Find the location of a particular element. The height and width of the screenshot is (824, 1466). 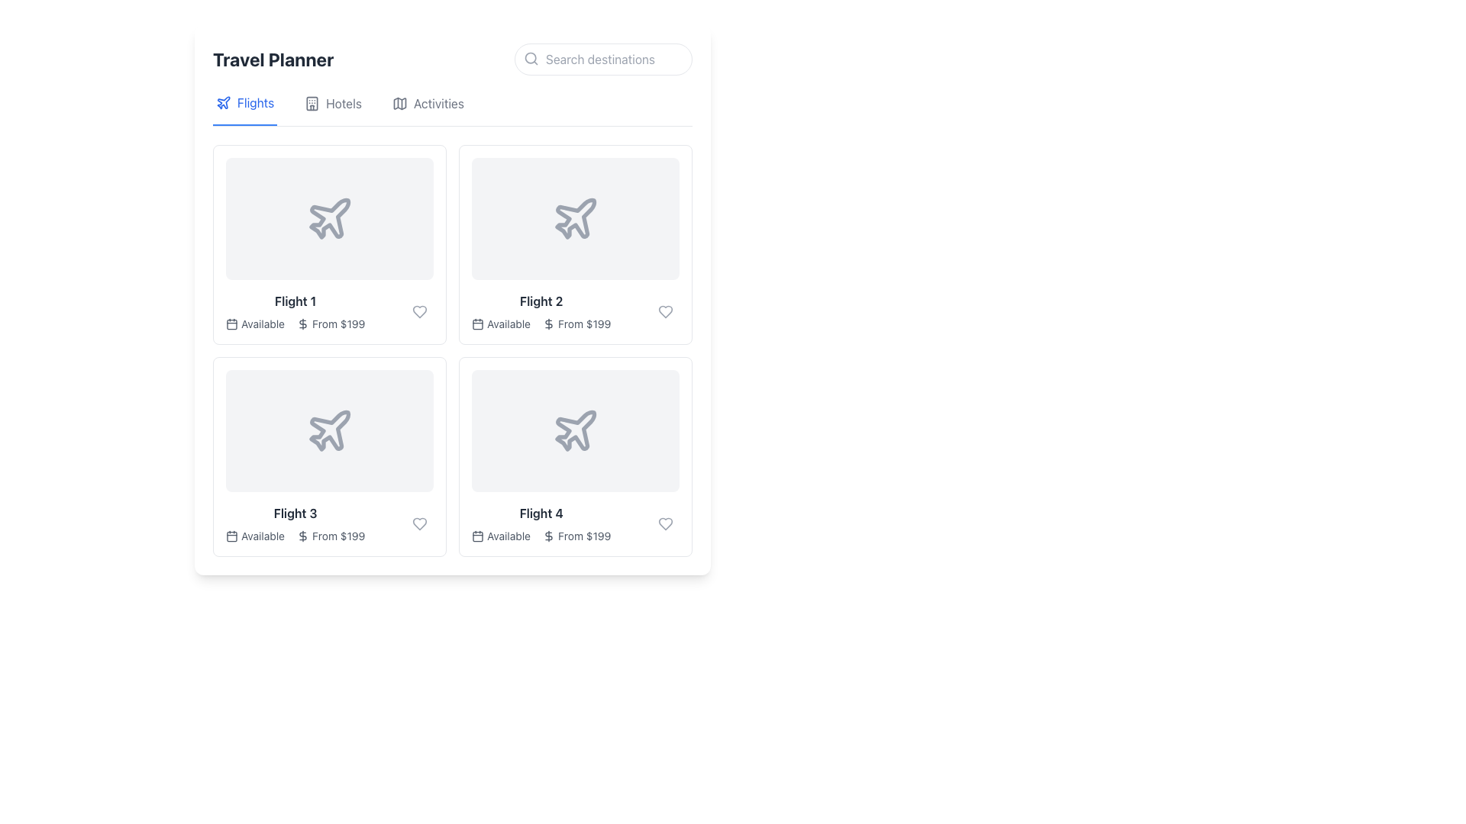

the 'Available' label with calendar icon, which is the first item in the horizontal group containing 'Available' and 'From $199' is located at coordinates (501, 535).